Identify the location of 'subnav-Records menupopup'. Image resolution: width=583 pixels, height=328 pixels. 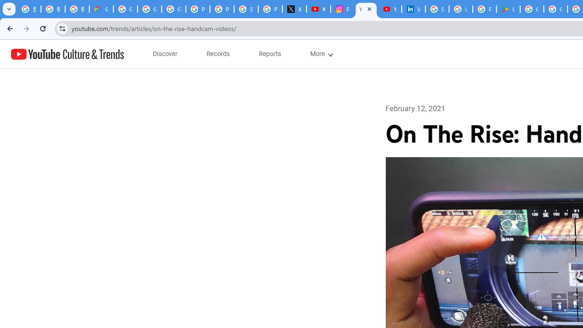
(218, 54).